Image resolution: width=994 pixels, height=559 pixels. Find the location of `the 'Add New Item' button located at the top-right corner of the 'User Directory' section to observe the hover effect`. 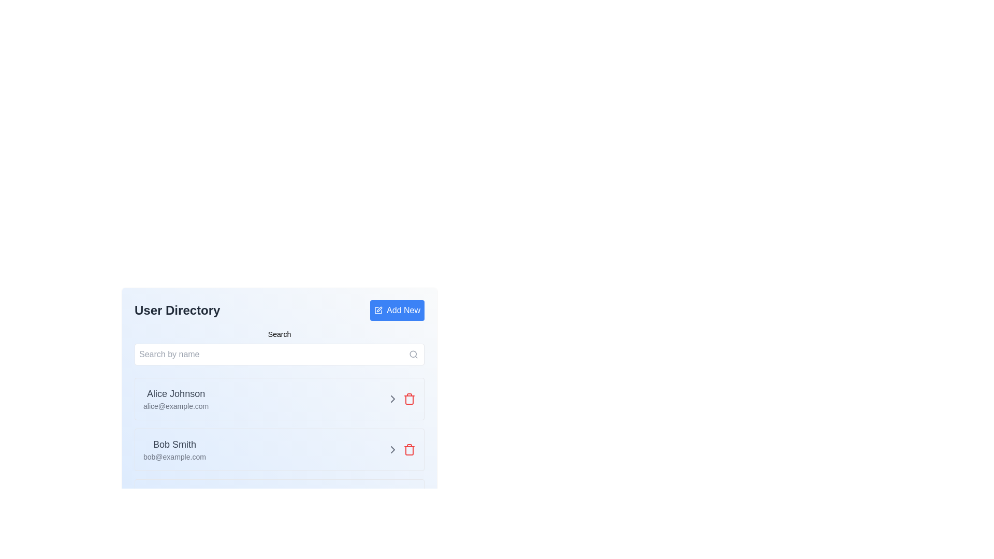

the 'Add New Item' button located at the top-right corner of the 'User Directory' section to observe the hover effect is located at coordinates (397, 310).